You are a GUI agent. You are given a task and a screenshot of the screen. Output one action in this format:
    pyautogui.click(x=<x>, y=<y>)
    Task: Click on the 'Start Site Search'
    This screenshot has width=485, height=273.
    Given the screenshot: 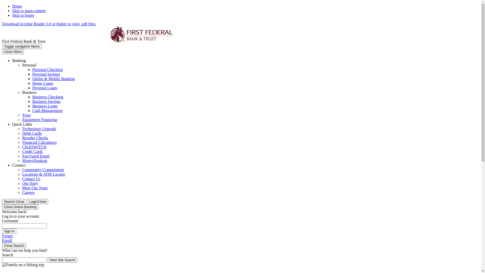 What is the action you would take?
    pyautogui.click(x=62, y=260)
    